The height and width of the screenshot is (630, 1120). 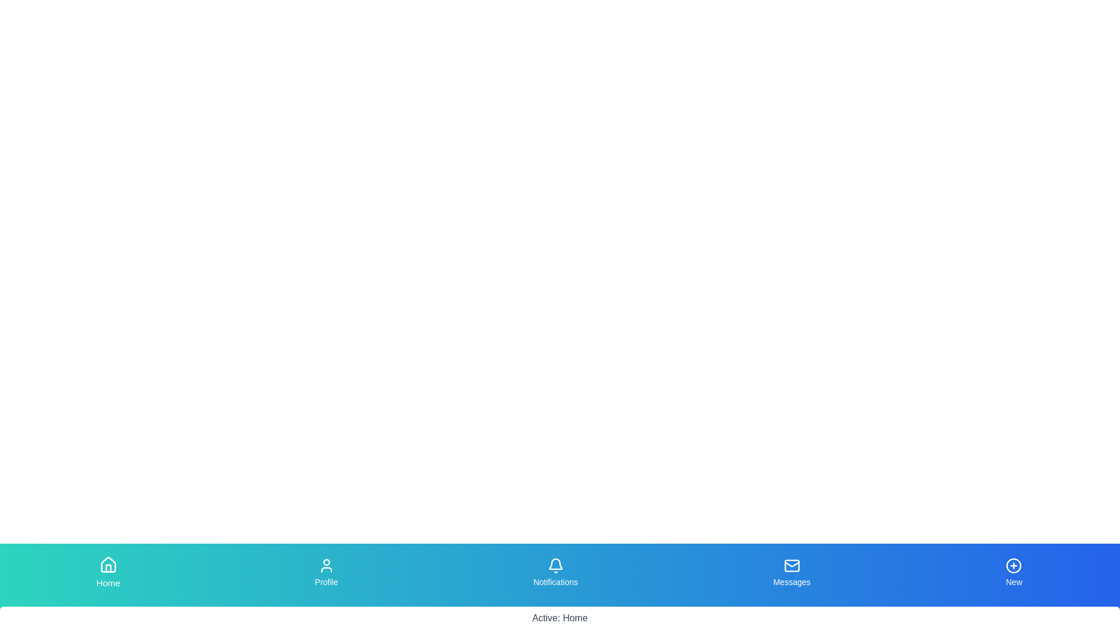 What do you see at coordinates (108, 572) in the screenshot?
I see `the tab labeled Home to observe the scaling effect` at bounding box center [108, 572].